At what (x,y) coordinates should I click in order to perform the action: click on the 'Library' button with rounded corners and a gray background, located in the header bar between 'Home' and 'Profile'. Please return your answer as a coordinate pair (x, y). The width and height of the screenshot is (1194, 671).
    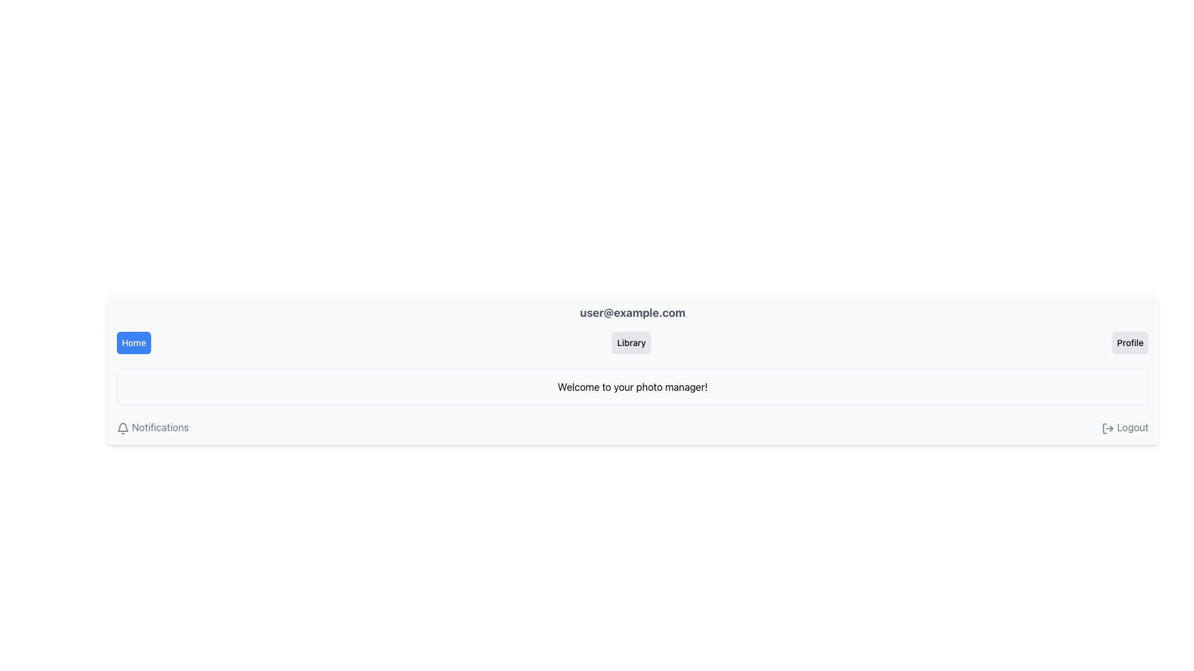
    Looking at the image, I should click on (631, 342).